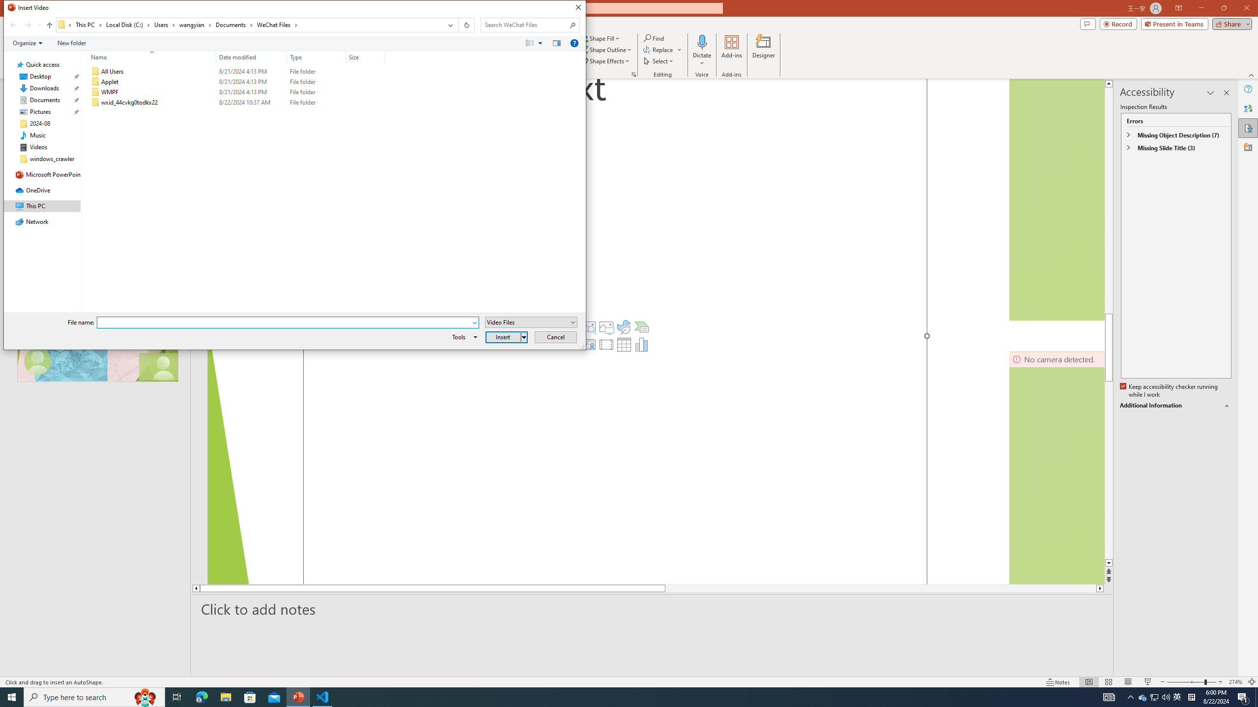 Image resolution: width=1258 pixels, height=707 pixels. What do you see at coordinates (1177, 696) in the screenshot?
I see `'IME Mode Icon - IME is disabled'` at bounding box center [1177, 696].